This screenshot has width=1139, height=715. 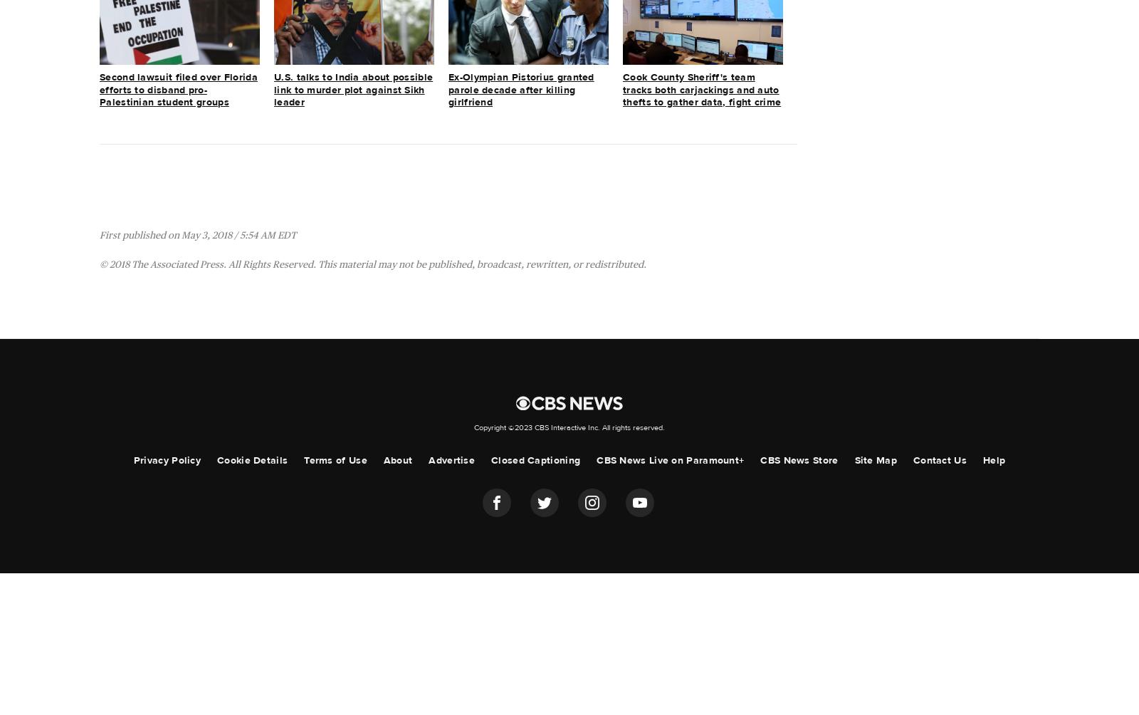 I want to click on 'Cookie Details', so click(x=252, y=459).